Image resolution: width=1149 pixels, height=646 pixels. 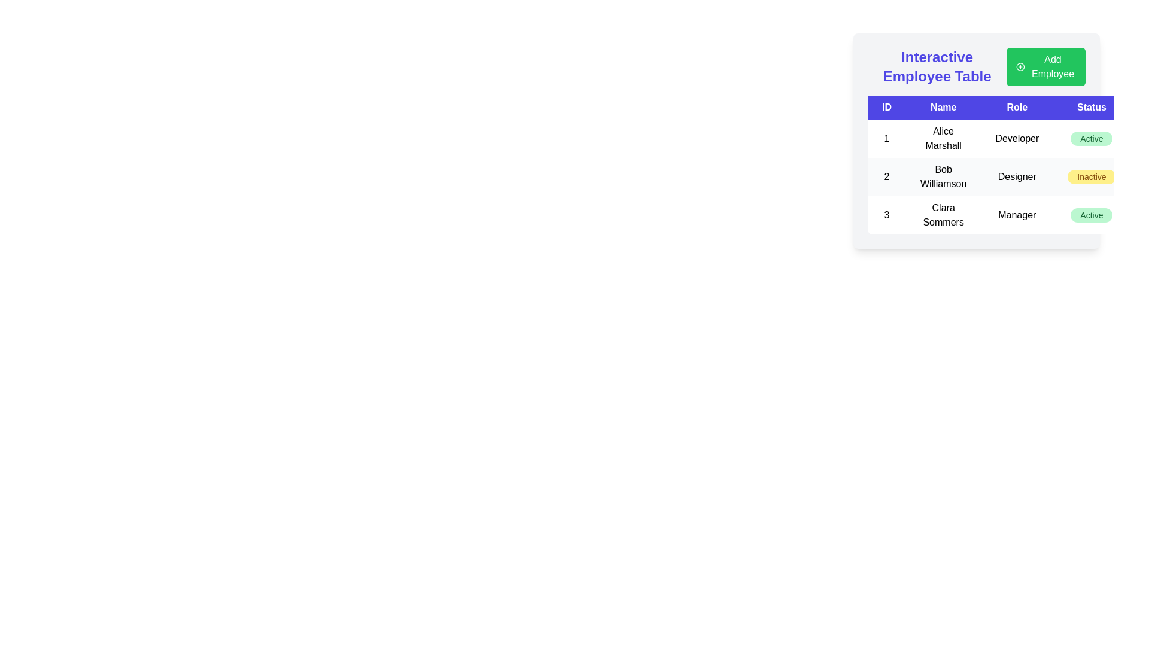 What do you see at coordinates (887, 177) in the screenshot?
I see `the static table cell containing the ID number for 'Bob Williamson' to focus on this entry` at bounding box center [887, 177].